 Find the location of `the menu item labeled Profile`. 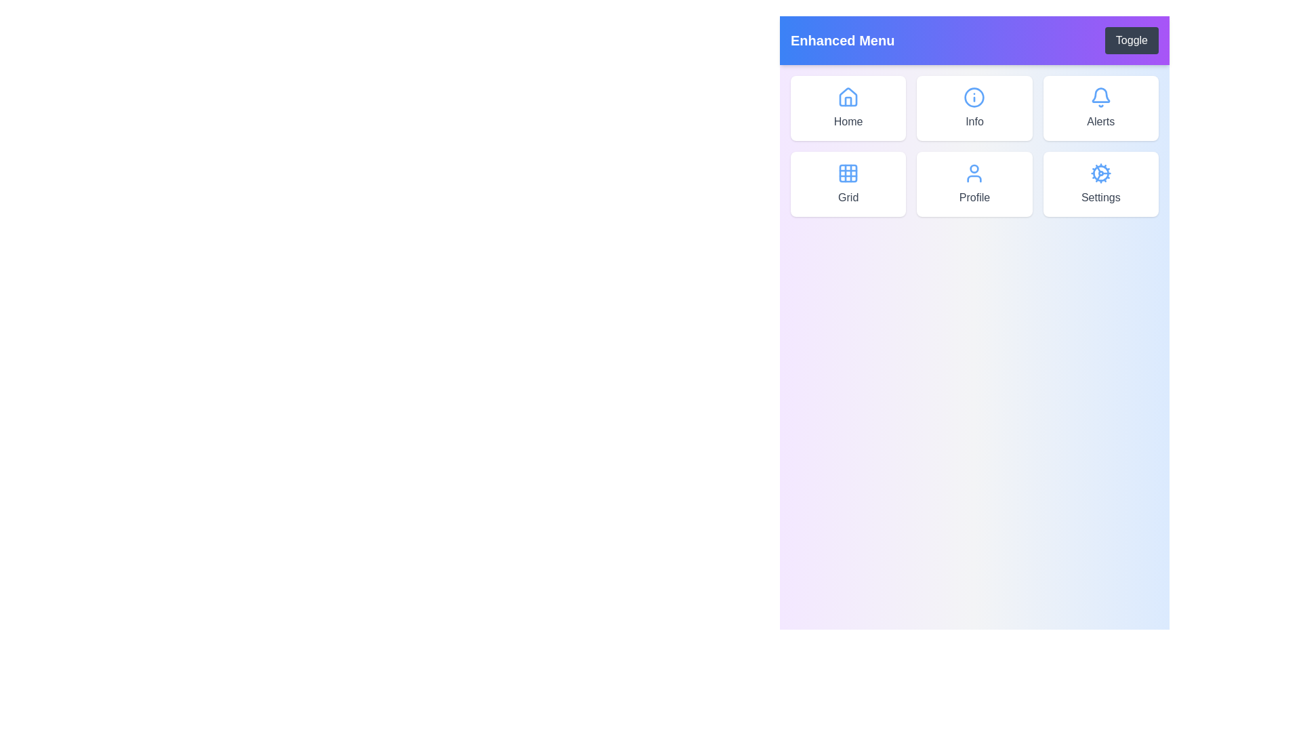

the menu item labeled Profile is located at coordinates (974, 184).